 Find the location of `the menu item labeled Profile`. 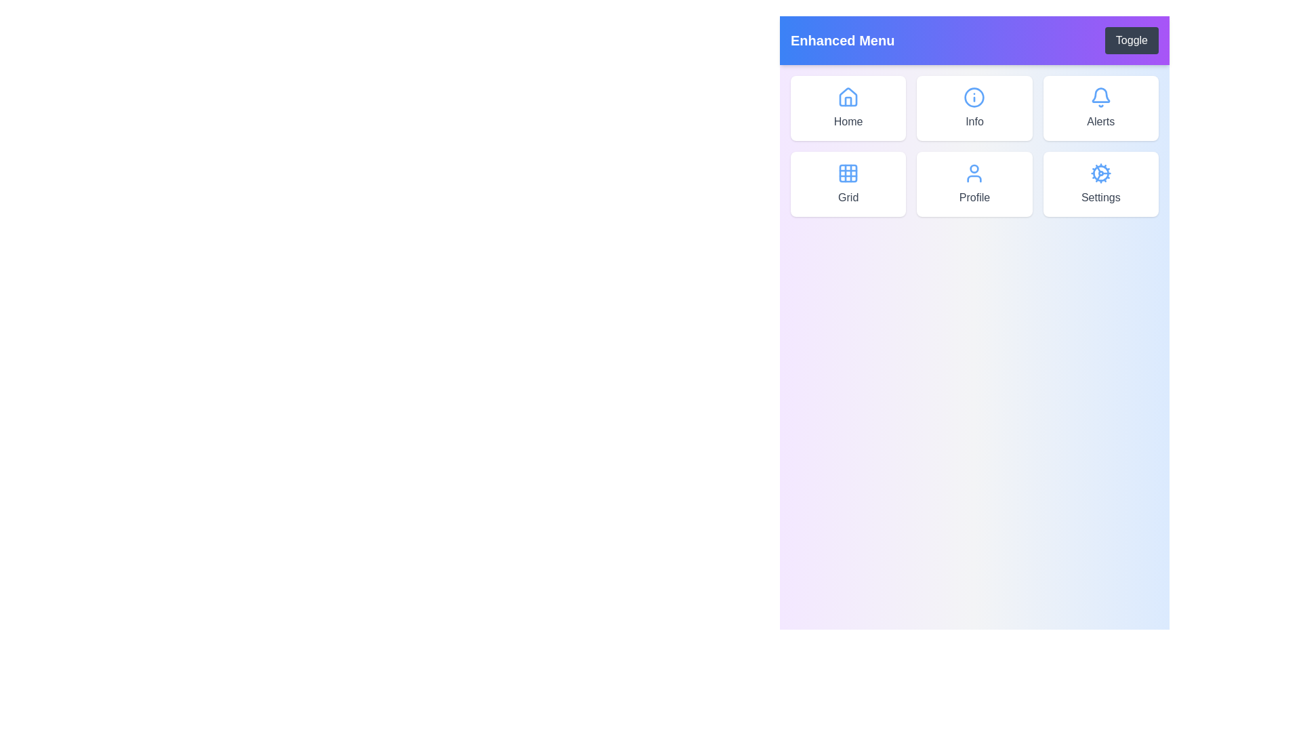

the menu item labeled Profile is located at coordinates (974, 184).